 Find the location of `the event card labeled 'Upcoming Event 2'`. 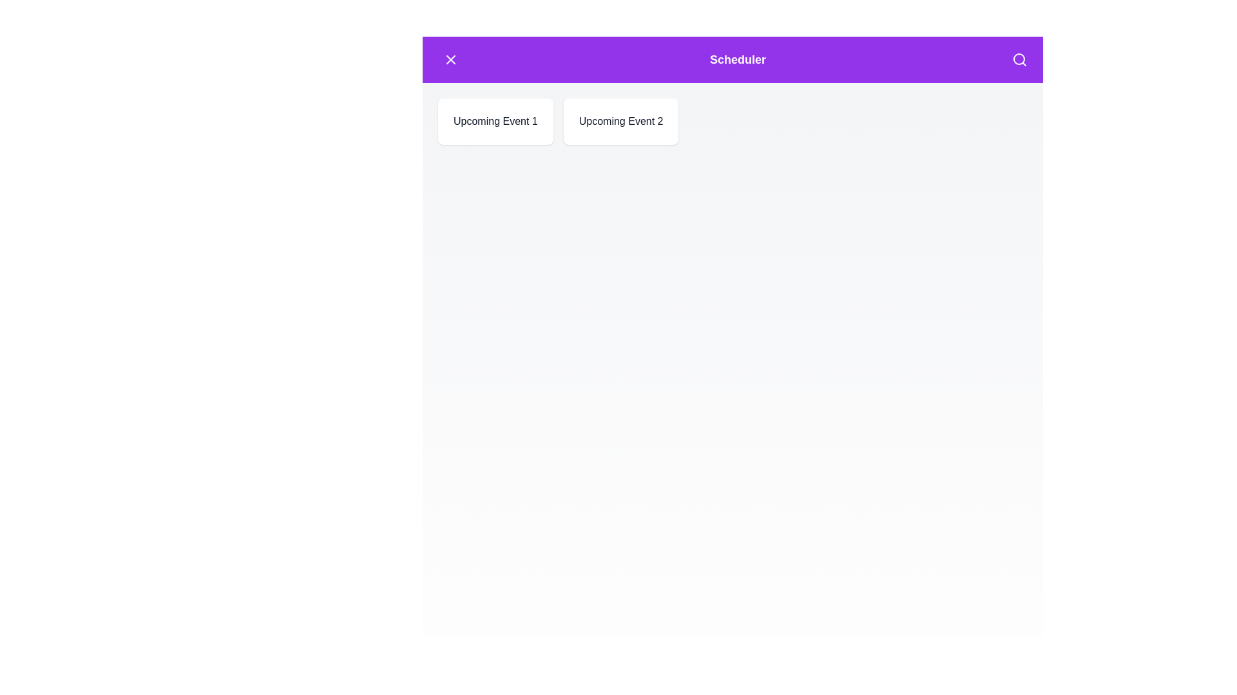

the event card labeled 'Upcoming Event 2' is located at coordinates (621, 122).